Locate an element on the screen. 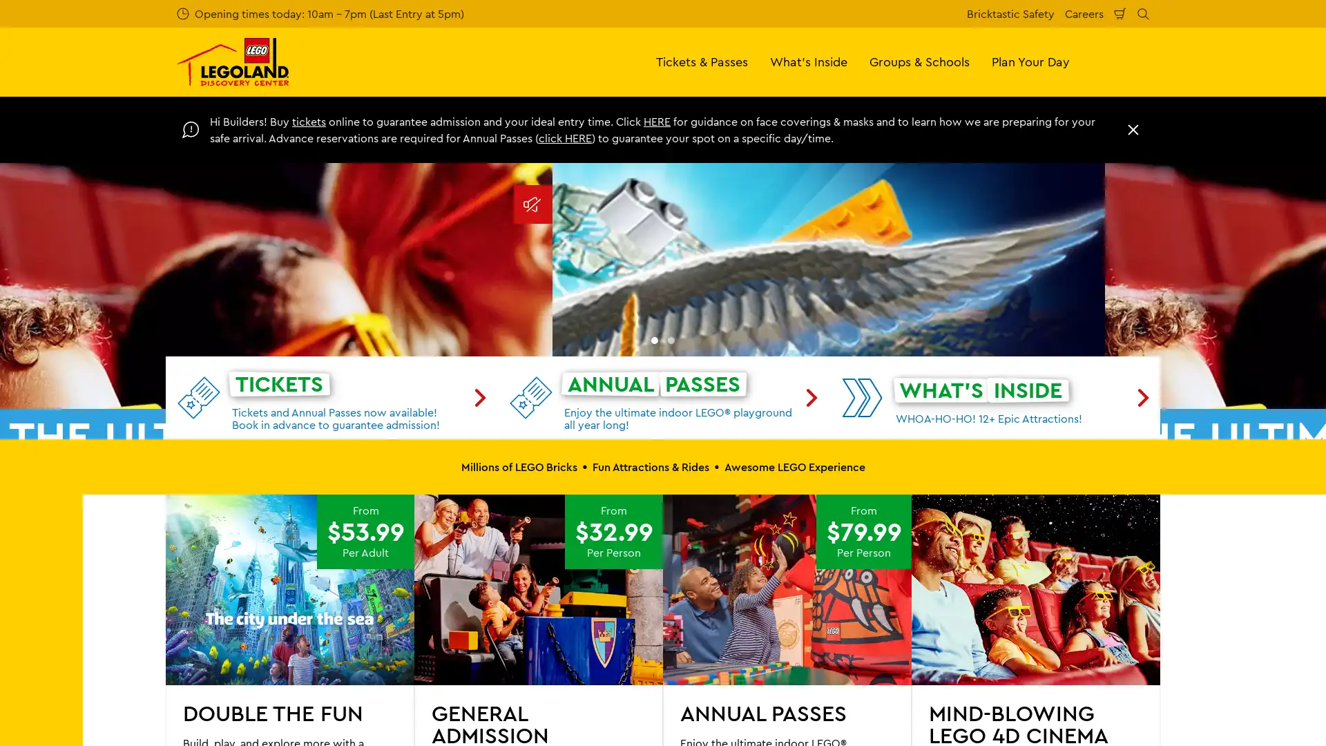  What's Inside is located at coordinates (809, 61).